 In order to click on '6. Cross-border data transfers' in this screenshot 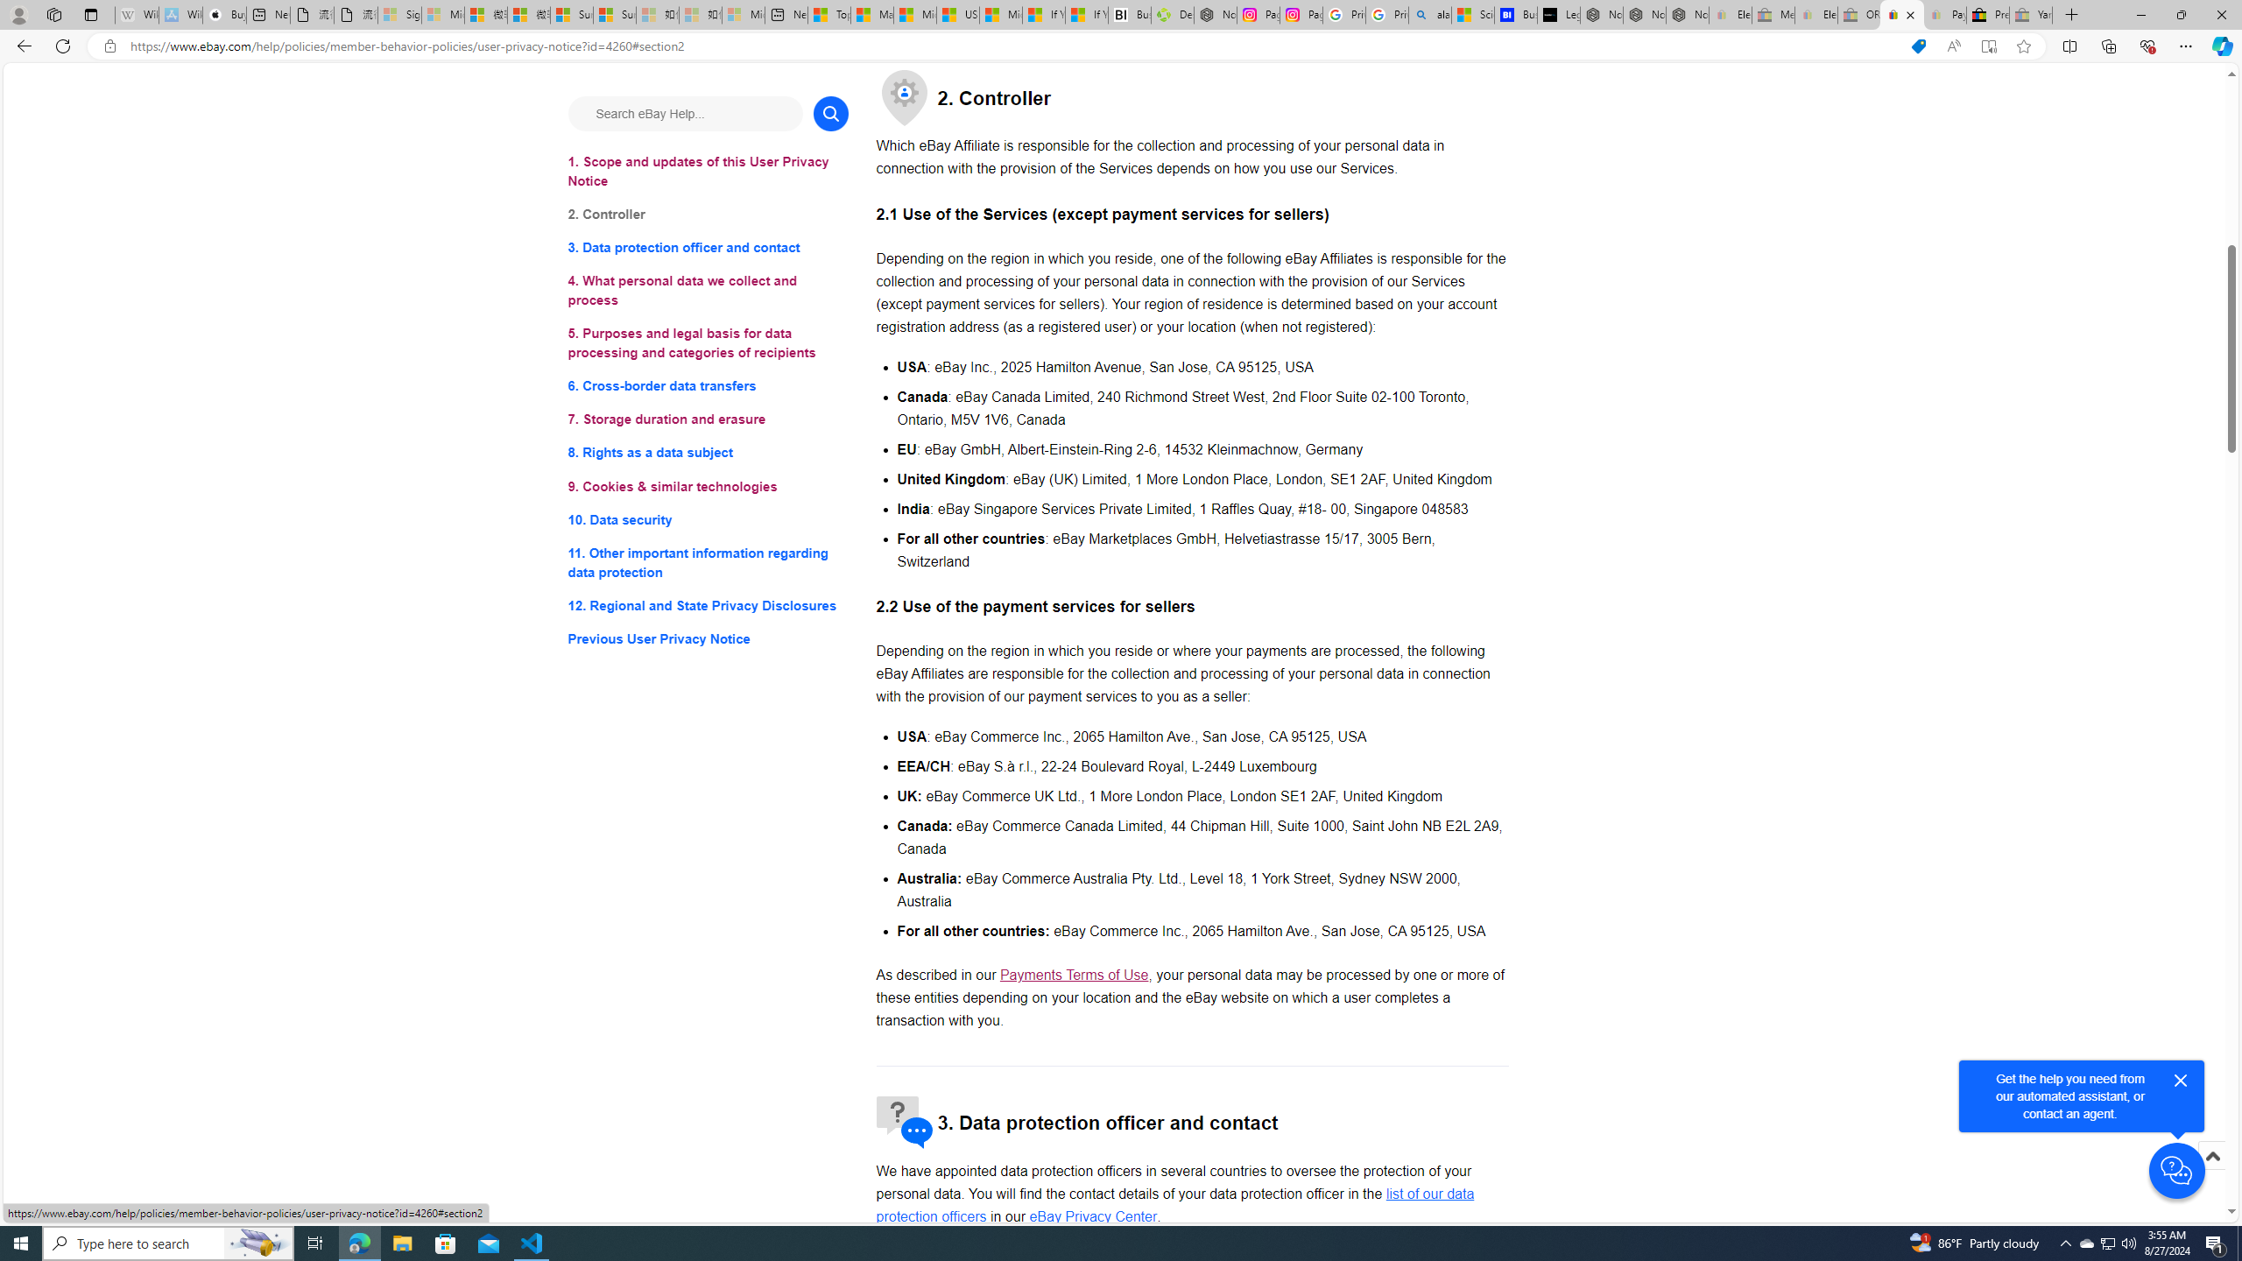, I will do `click(707, 386)`.